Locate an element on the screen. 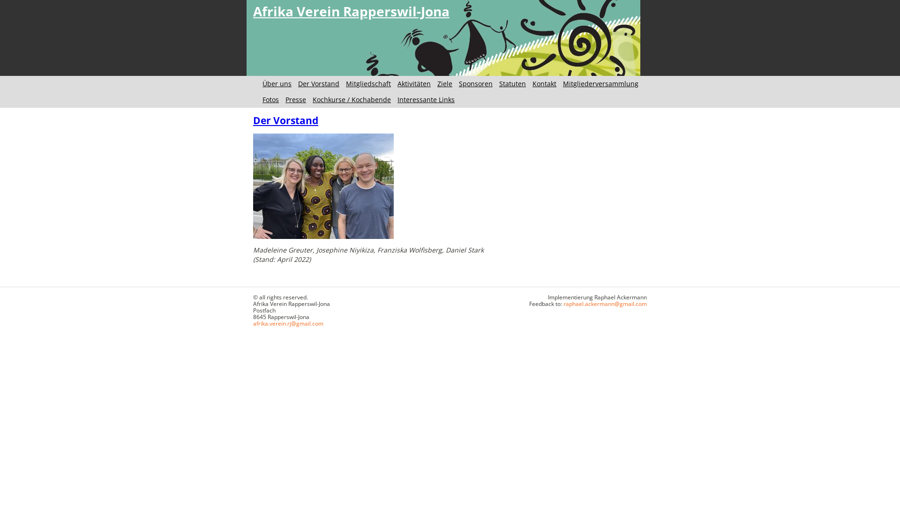 The width and height of the screenshot is (900, 506). 'Der Vorstand' is located at coordinates (319, 83).